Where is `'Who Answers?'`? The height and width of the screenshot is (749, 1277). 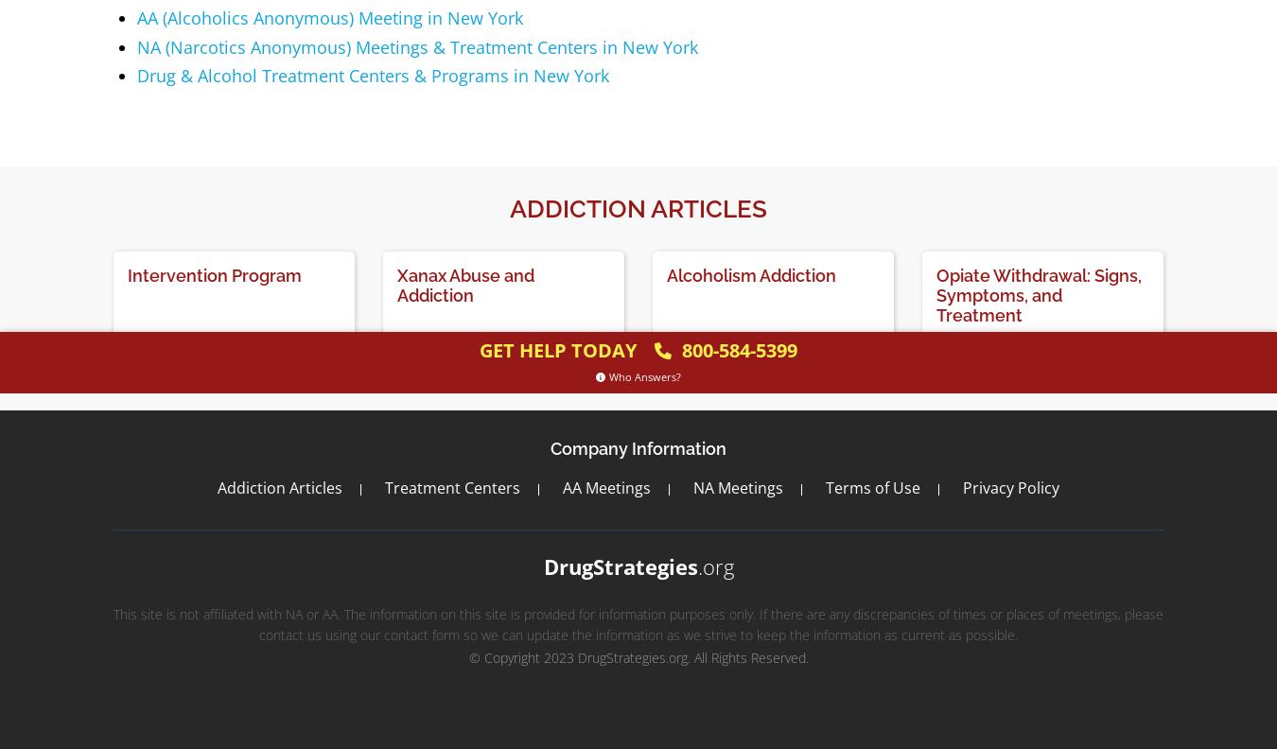
'Who Answers?' is located at coordinates (644, 375).